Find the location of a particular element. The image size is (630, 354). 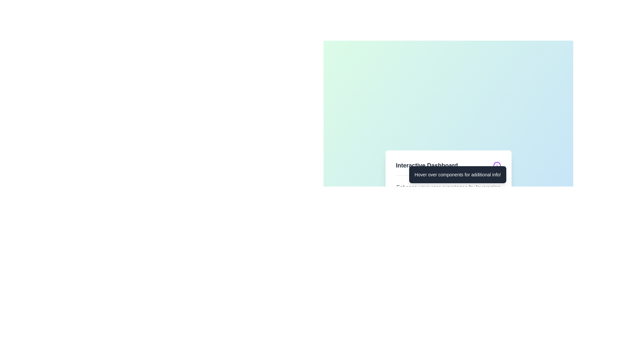

the circular SVG element that serves as the primary component of an information icon in the tooltip-like popup is located at coordinates (497, 165).